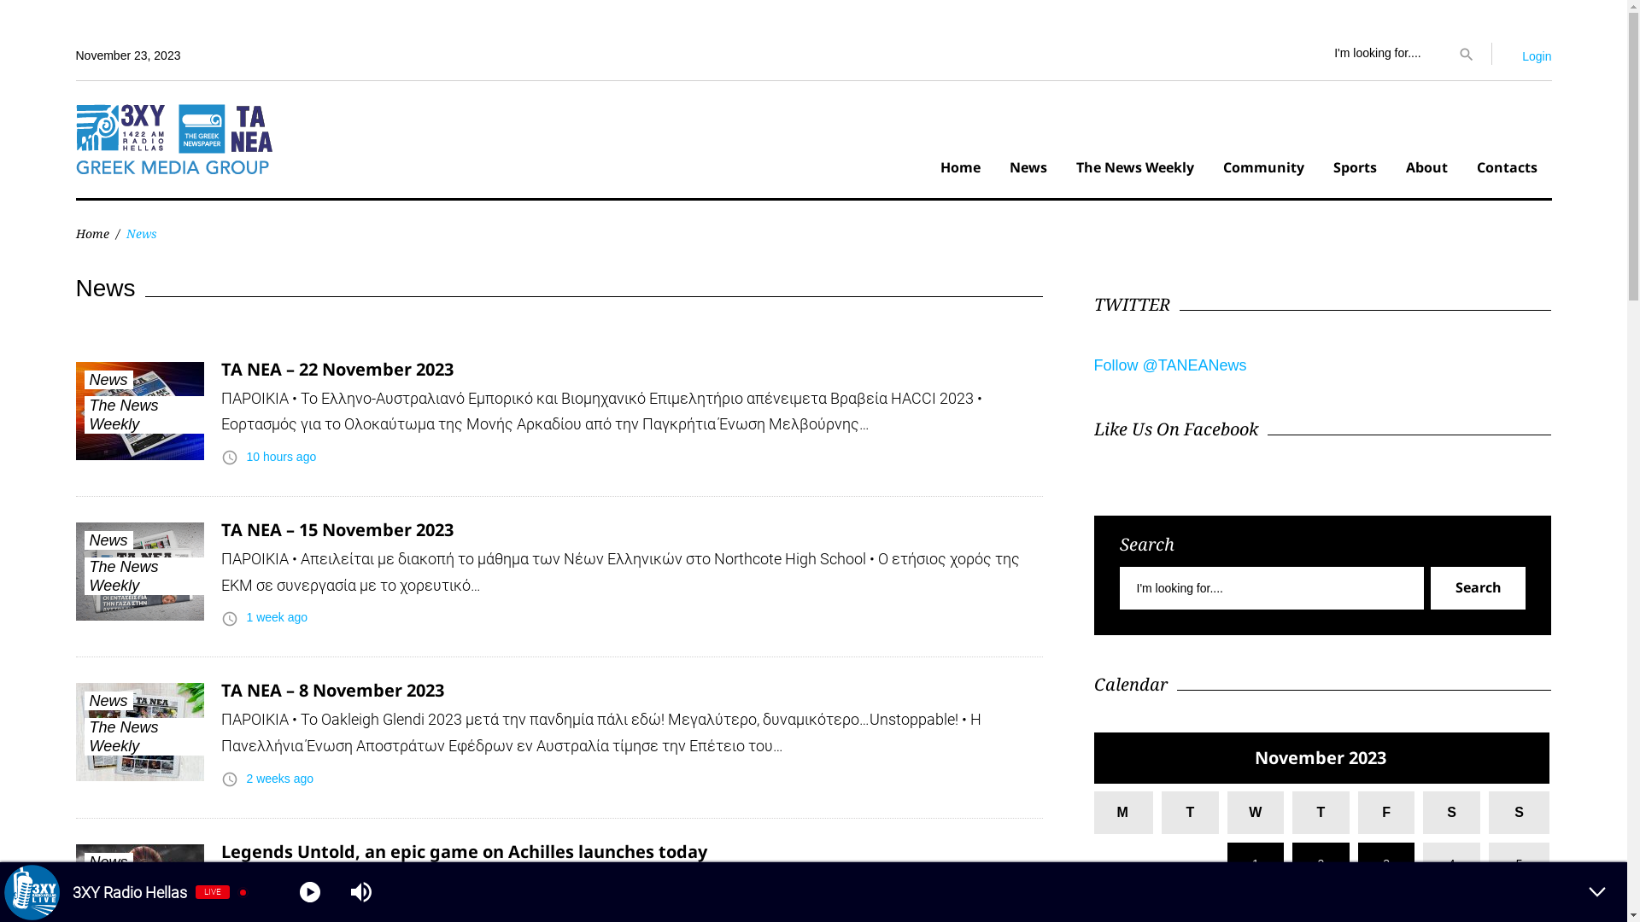  What do you see at coordinates (1507, 170) in the screenshot?
I see `'Contacts'` at bounding box center [1507, 170].